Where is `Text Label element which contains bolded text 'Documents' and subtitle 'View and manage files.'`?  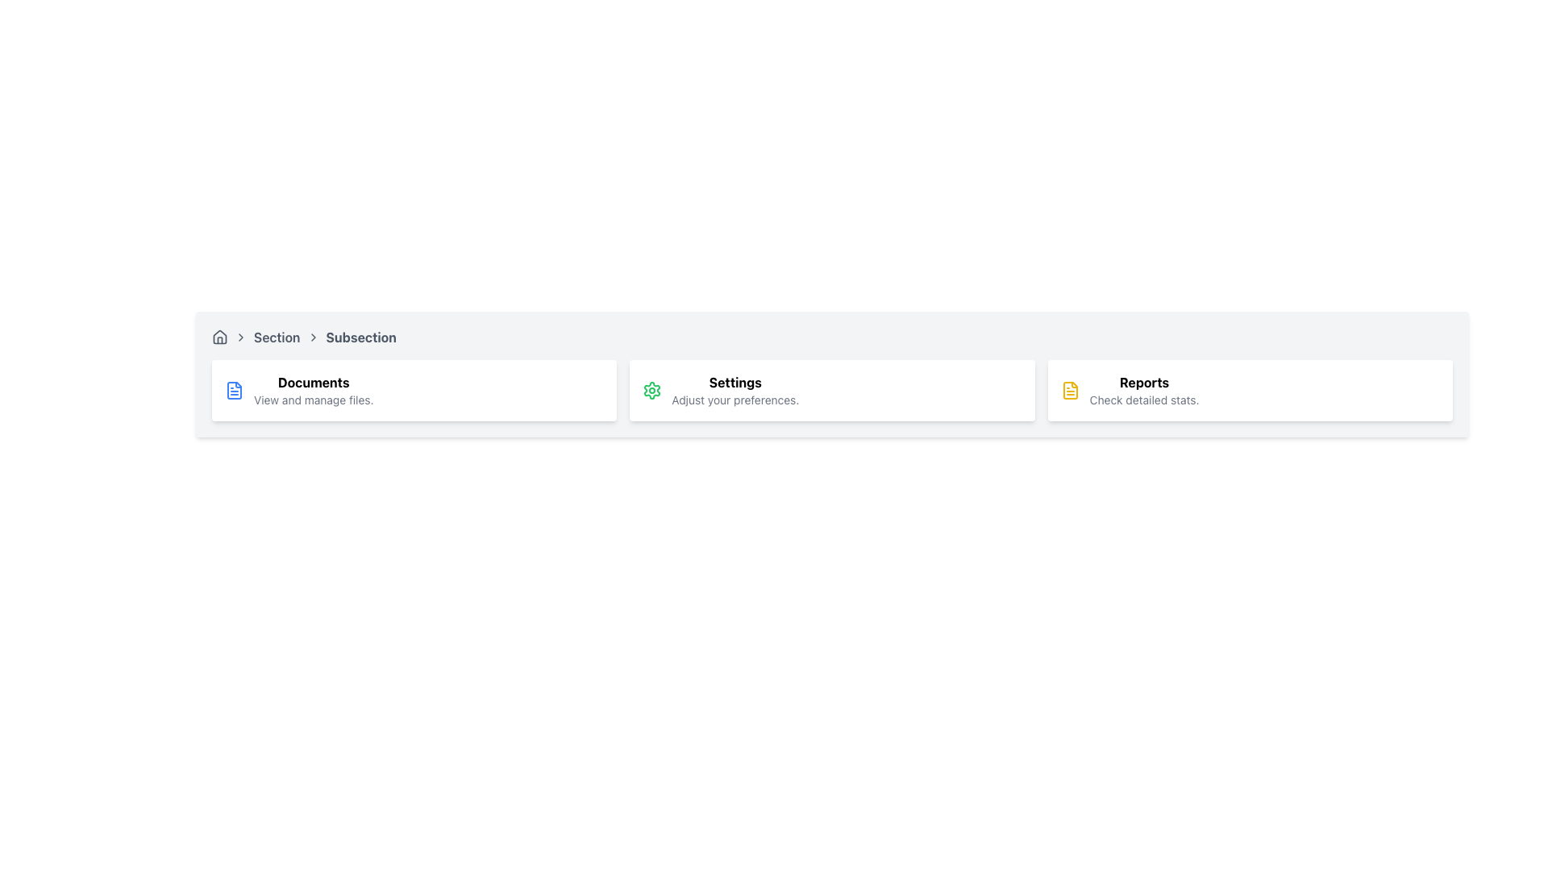 Text Label element which contains bolded text 'Documents' and subtitle 'View and manage files.' is located at coordinates (314, 391).